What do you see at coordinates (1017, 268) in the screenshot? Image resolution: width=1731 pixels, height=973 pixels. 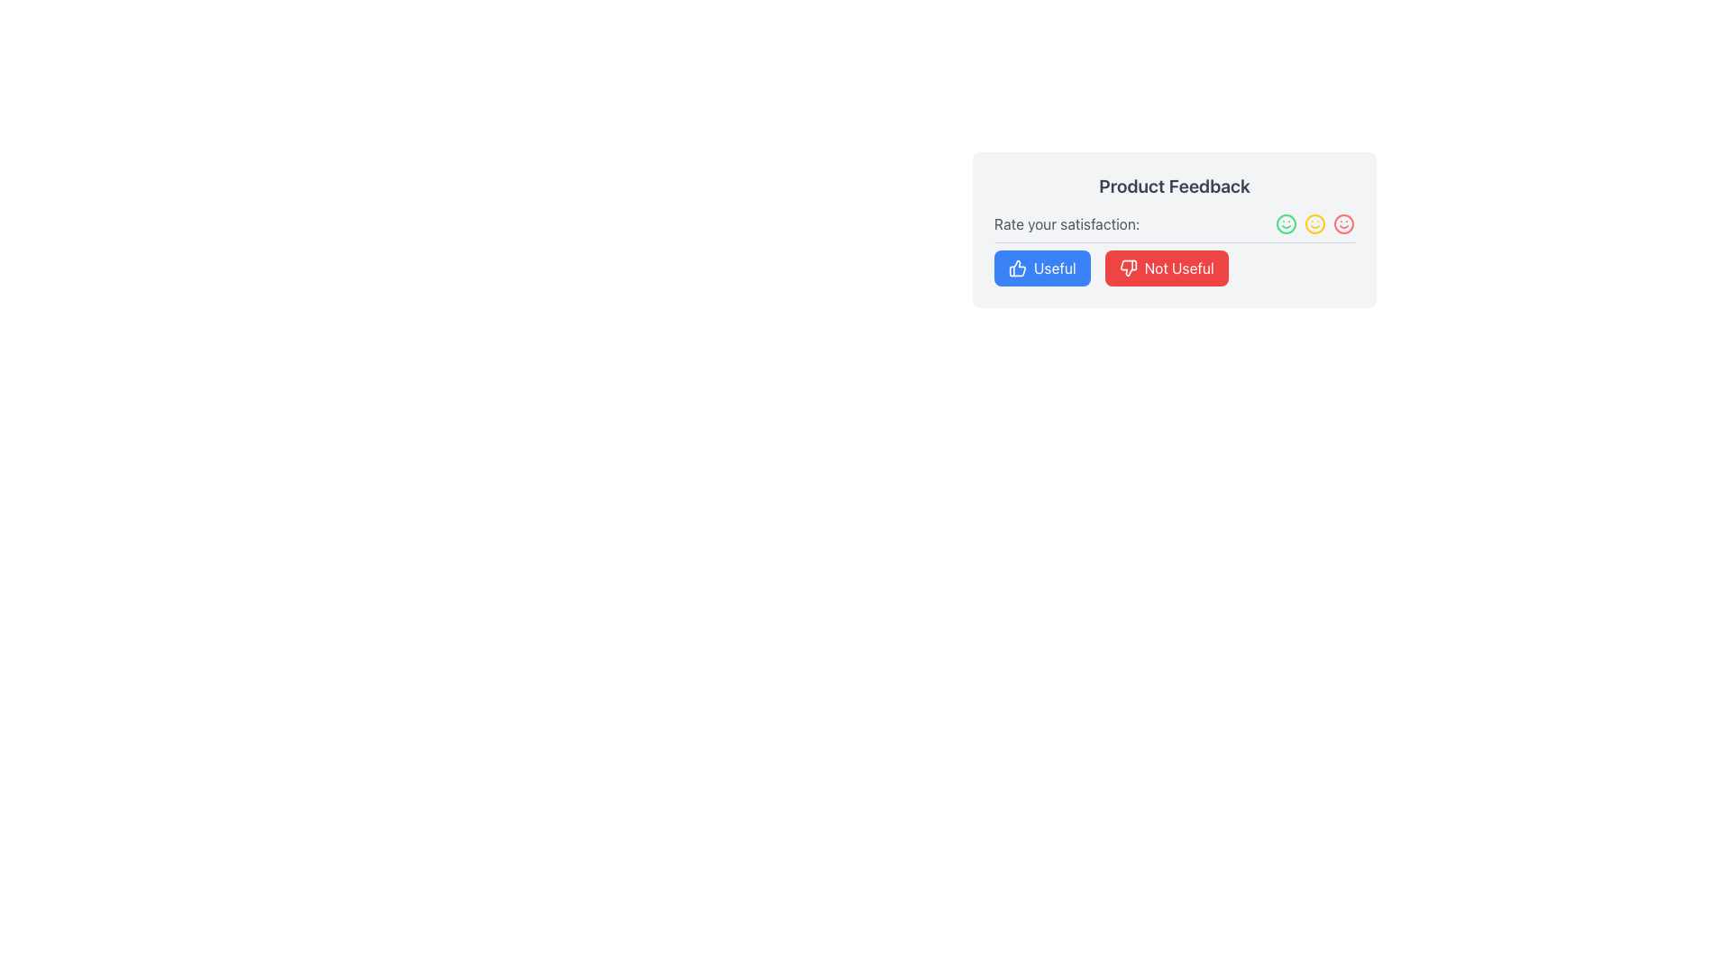 I see `the icon on the left side of the blue 'Useful' button` at bounding box center [1017, 268].